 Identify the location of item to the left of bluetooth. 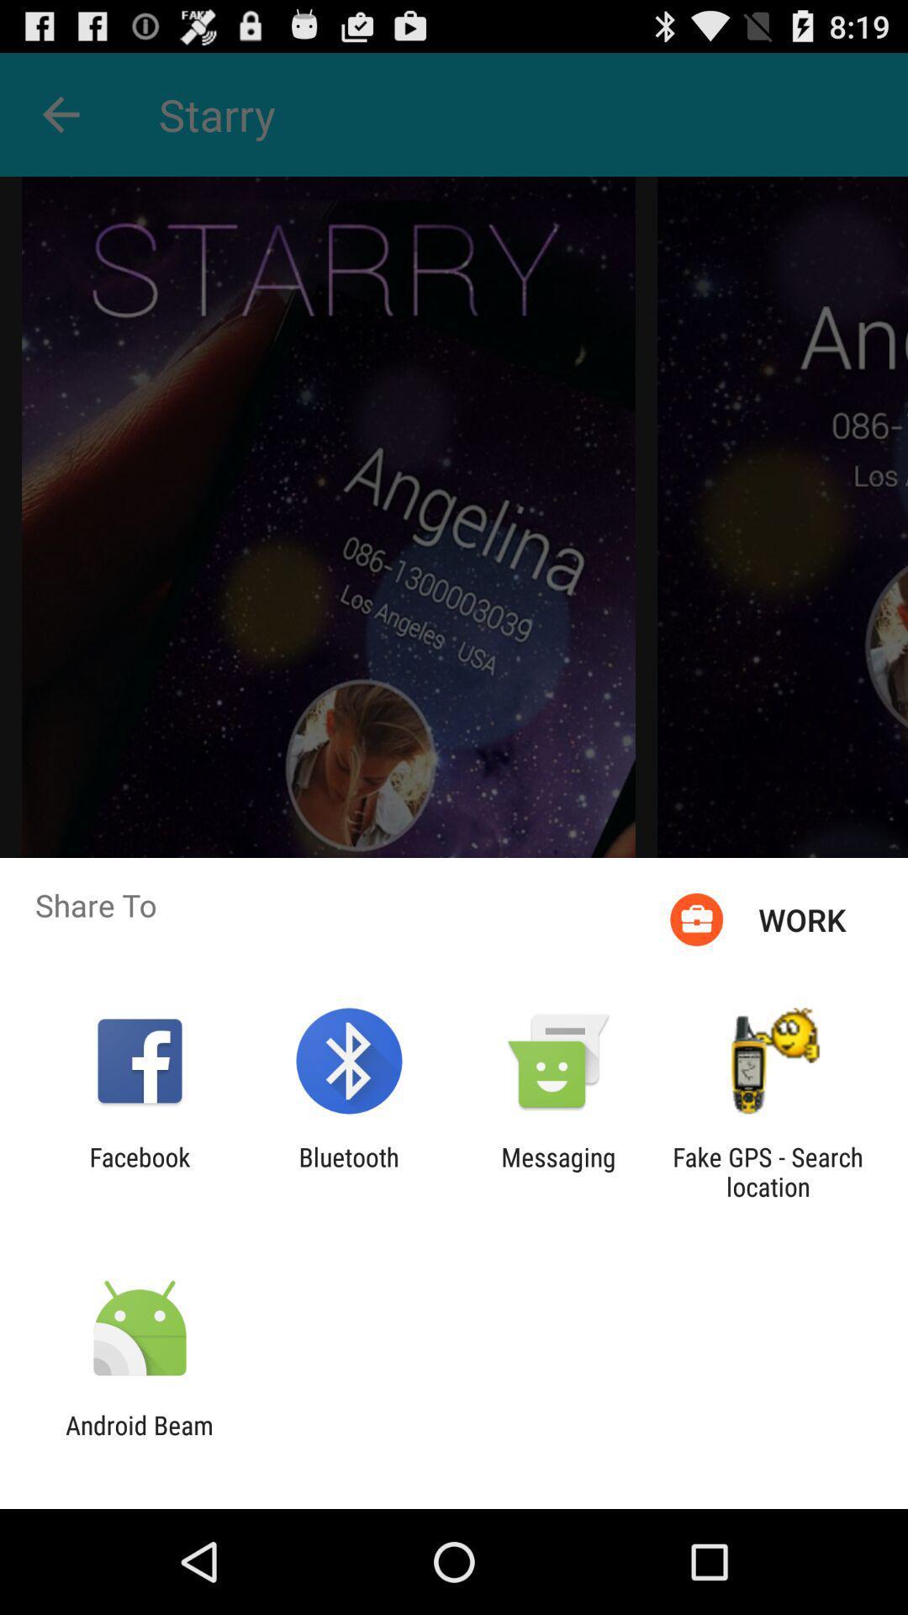
(139, 1171).